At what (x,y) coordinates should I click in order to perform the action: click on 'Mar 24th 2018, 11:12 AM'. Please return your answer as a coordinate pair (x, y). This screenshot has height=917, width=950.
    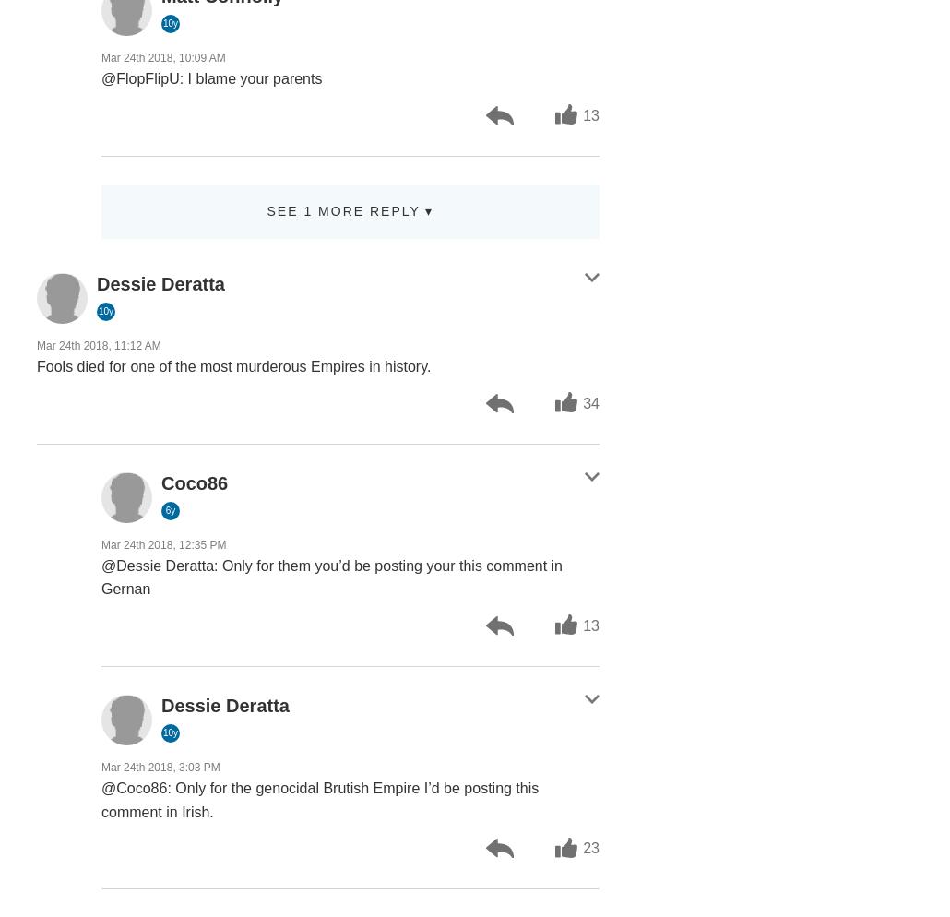
    Looking at the image, I should click on (36, 345).